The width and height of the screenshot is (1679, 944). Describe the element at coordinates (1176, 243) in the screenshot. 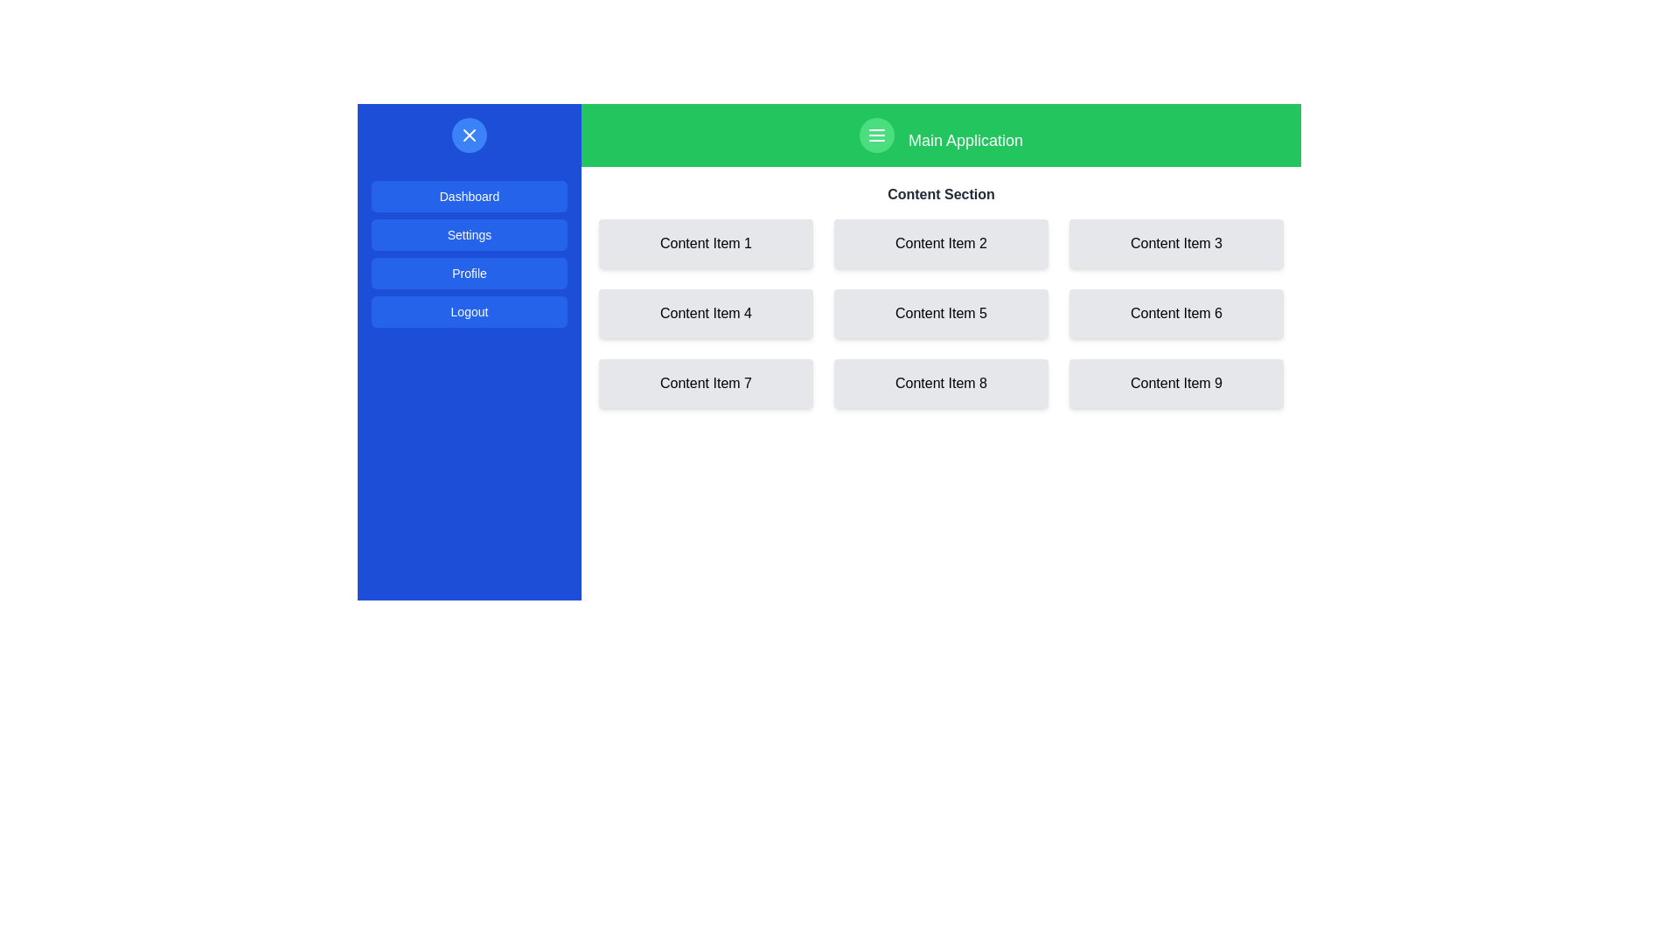

I see `the non-interactive button-like text label displaying 'Content Item 3' which has a light grey background and rounded corners, located in the first row and third column of the grid layout` at that location.